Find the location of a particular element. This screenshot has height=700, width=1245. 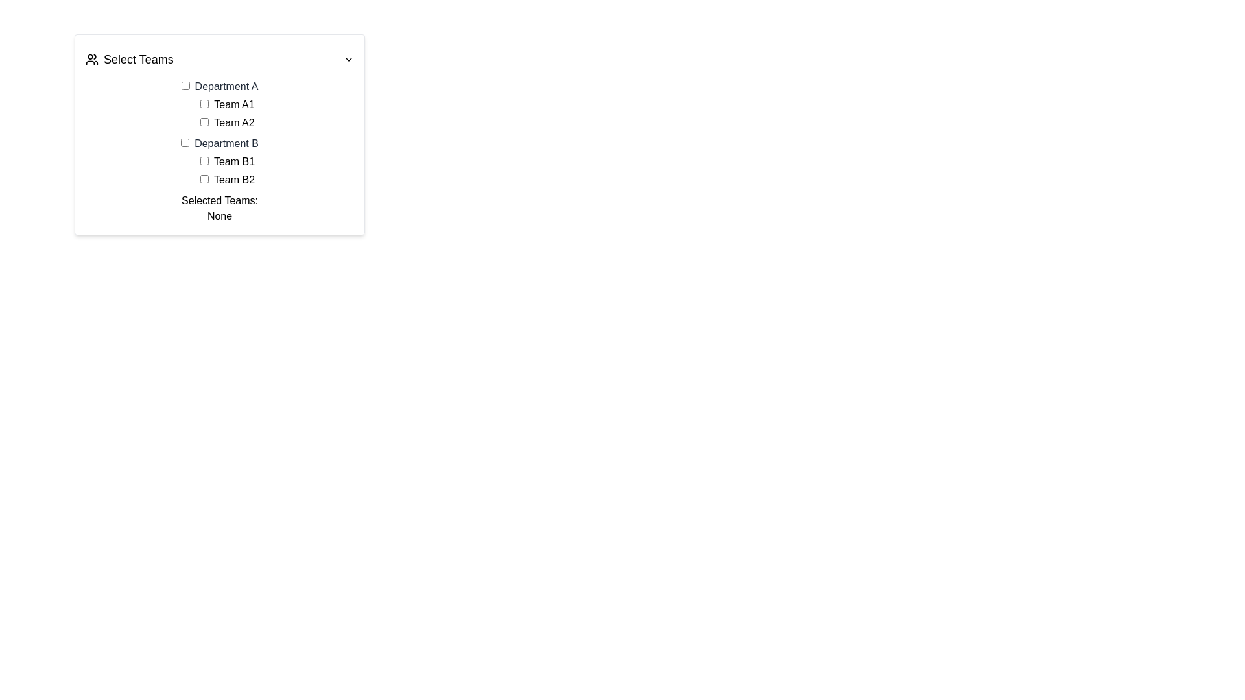

the checkbox located next to the text 'Team B1' is located at coordinates (204, 160).